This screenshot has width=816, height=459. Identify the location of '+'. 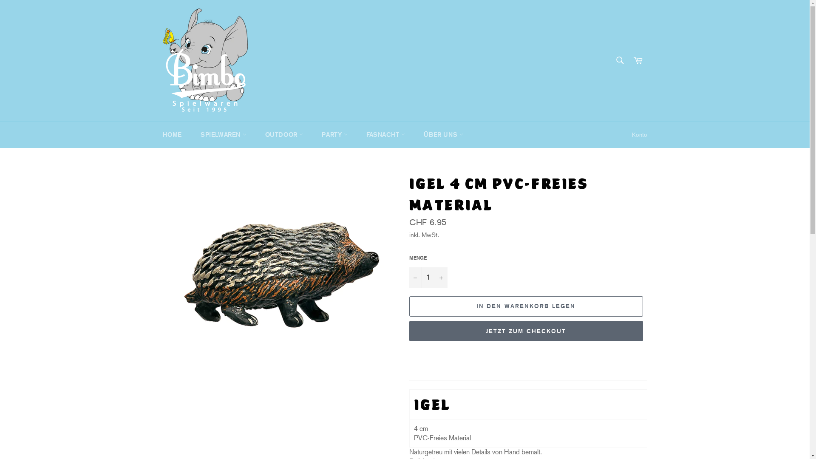
(434, 277).